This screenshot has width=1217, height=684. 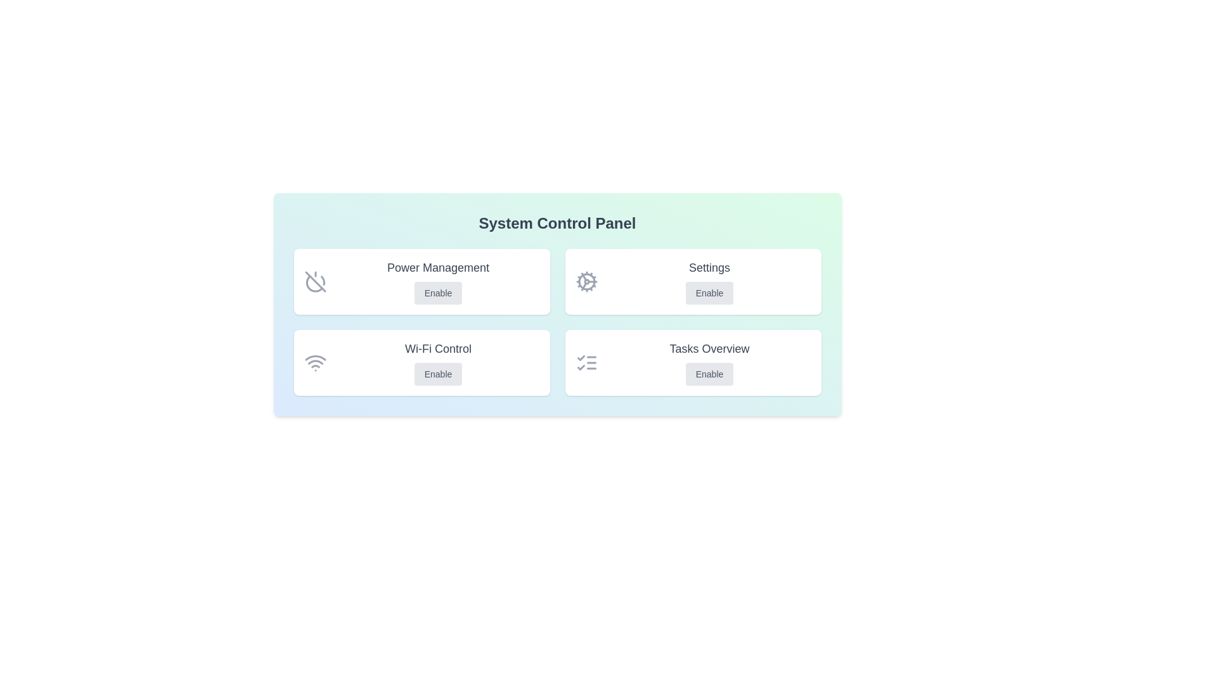 What do you see at coordinates (438, 373) in the screenshot?
I see `the 'Enable' button in the 'Wi-Fi Control' section` at bounding box center [438, 373].